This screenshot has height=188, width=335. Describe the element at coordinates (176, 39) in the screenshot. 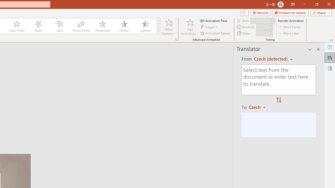

I see `'More Options...'` at that location.